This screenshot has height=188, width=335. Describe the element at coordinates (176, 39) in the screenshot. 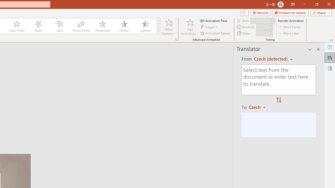

I see `'More Options...'` at that location.